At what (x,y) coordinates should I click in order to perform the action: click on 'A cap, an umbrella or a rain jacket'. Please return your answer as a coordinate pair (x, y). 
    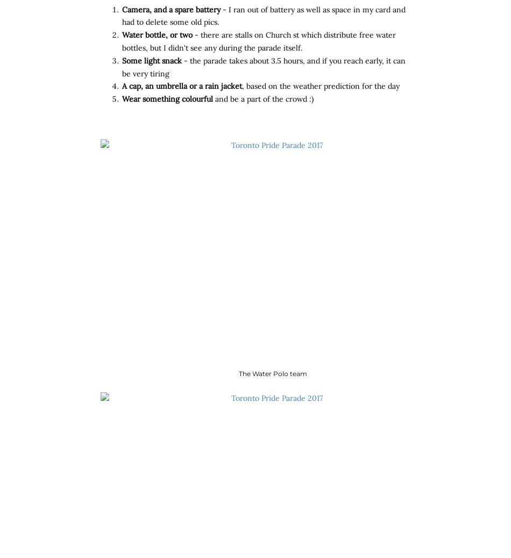
    Looking at the image, I should click on (181, 86).